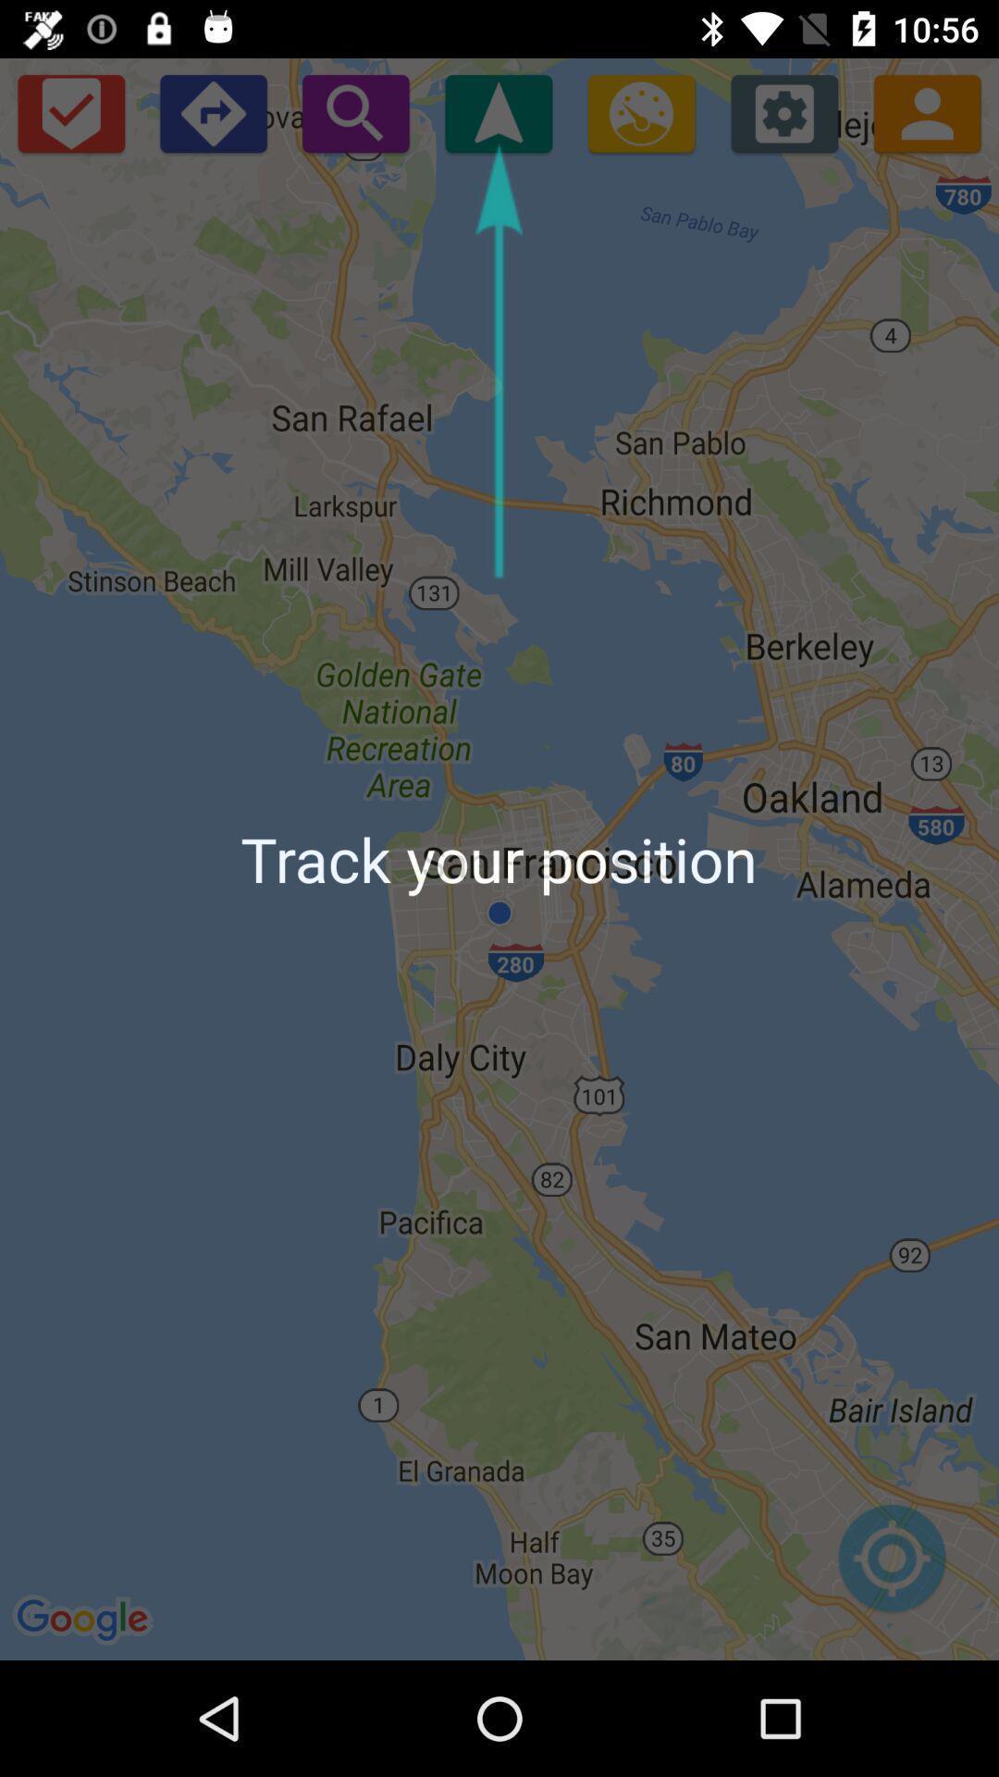 The height and width of the screenshot is (1777, 999). Describe the element at coordinates (212, 112) in the screenshot. I see `forward option` at that location.